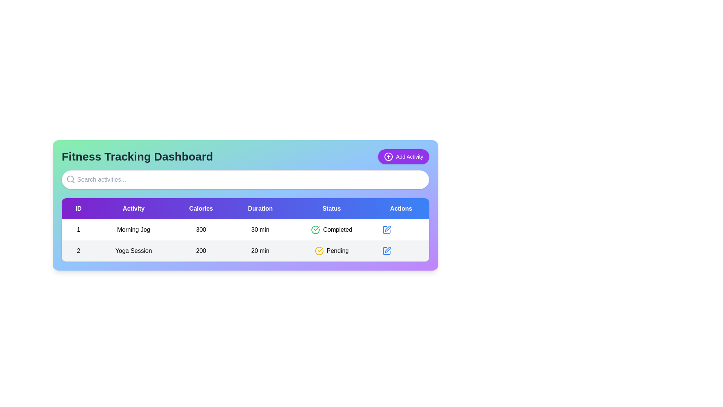  I want to click on text content 'ID' from the table header cell with a purple background and white text, located at the top-left corner of the table header row, so click(78, 209).